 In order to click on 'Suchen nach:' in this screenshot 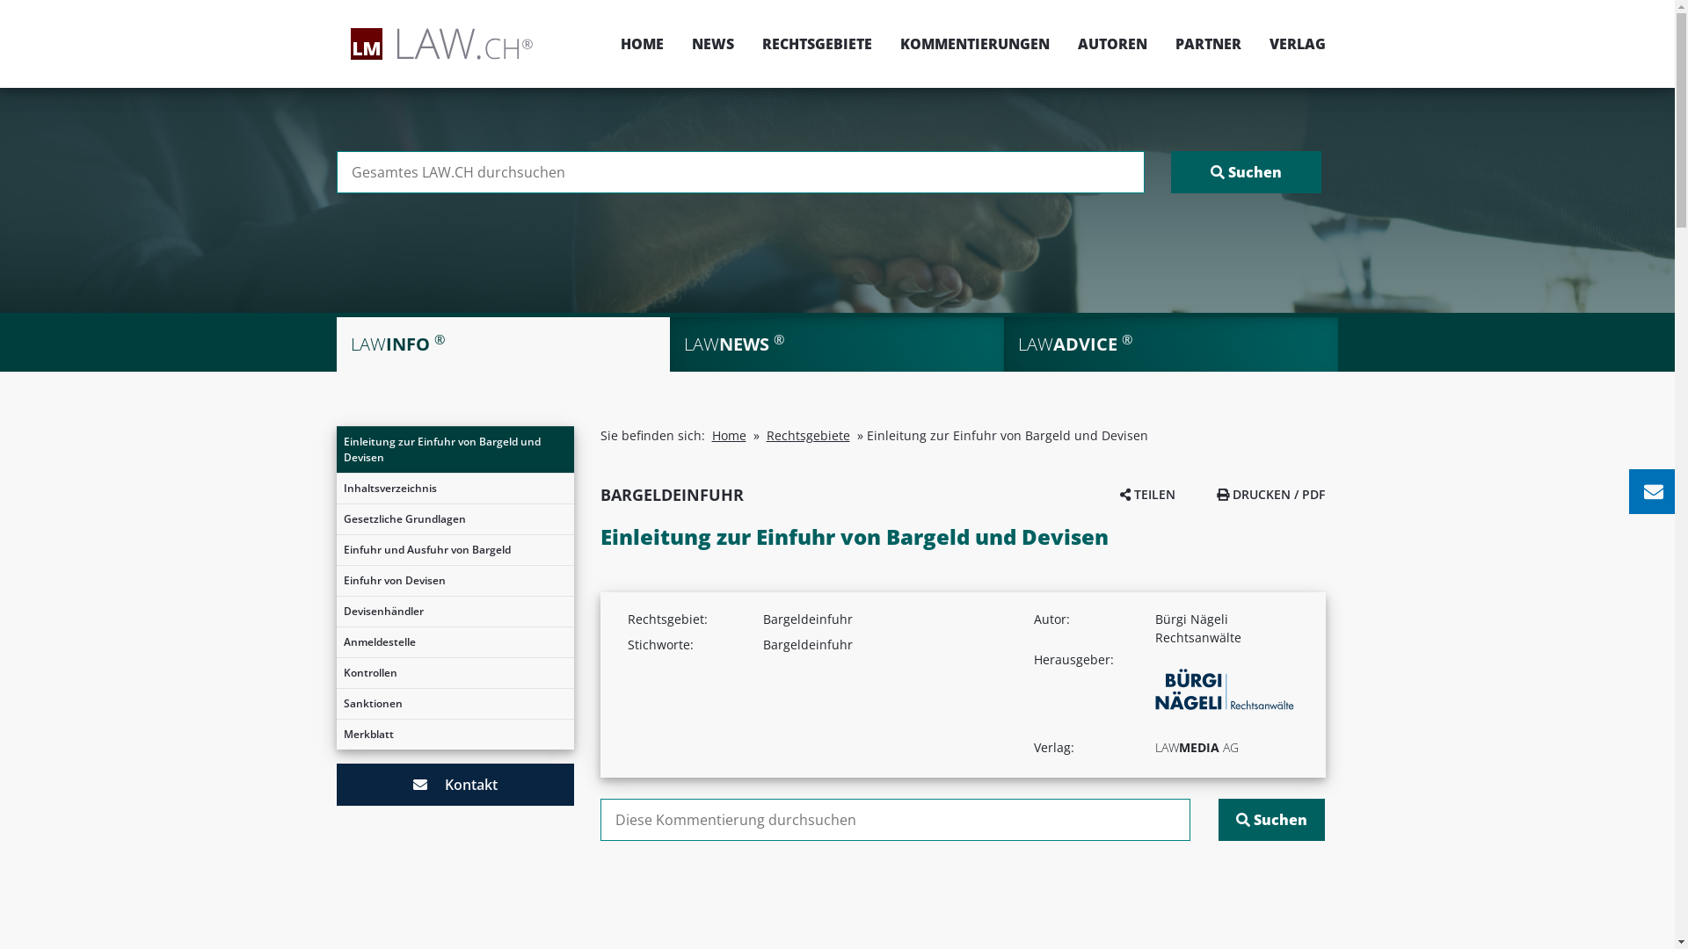, I will do `click(894, 820)`.